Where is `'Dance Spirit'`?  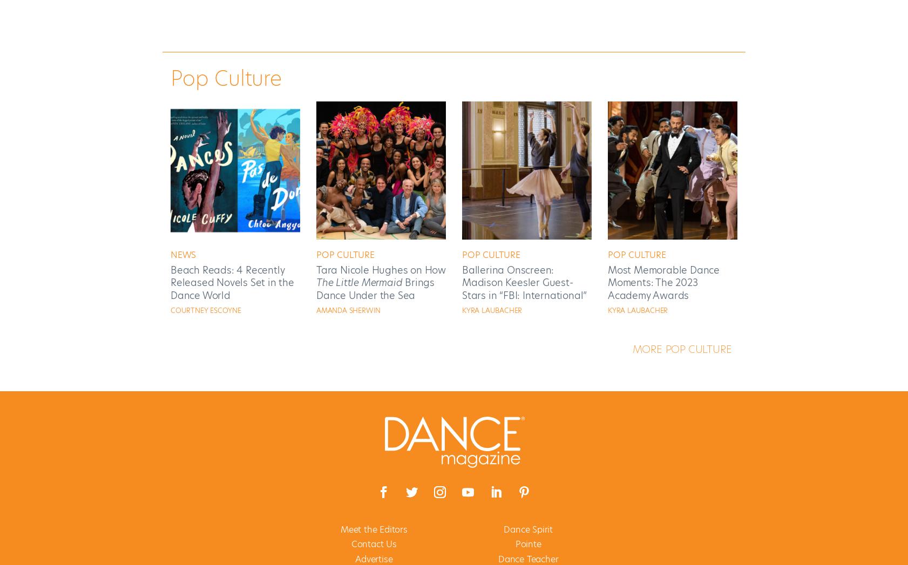 'Dance Spirit' is located at coordinates (503, 529).